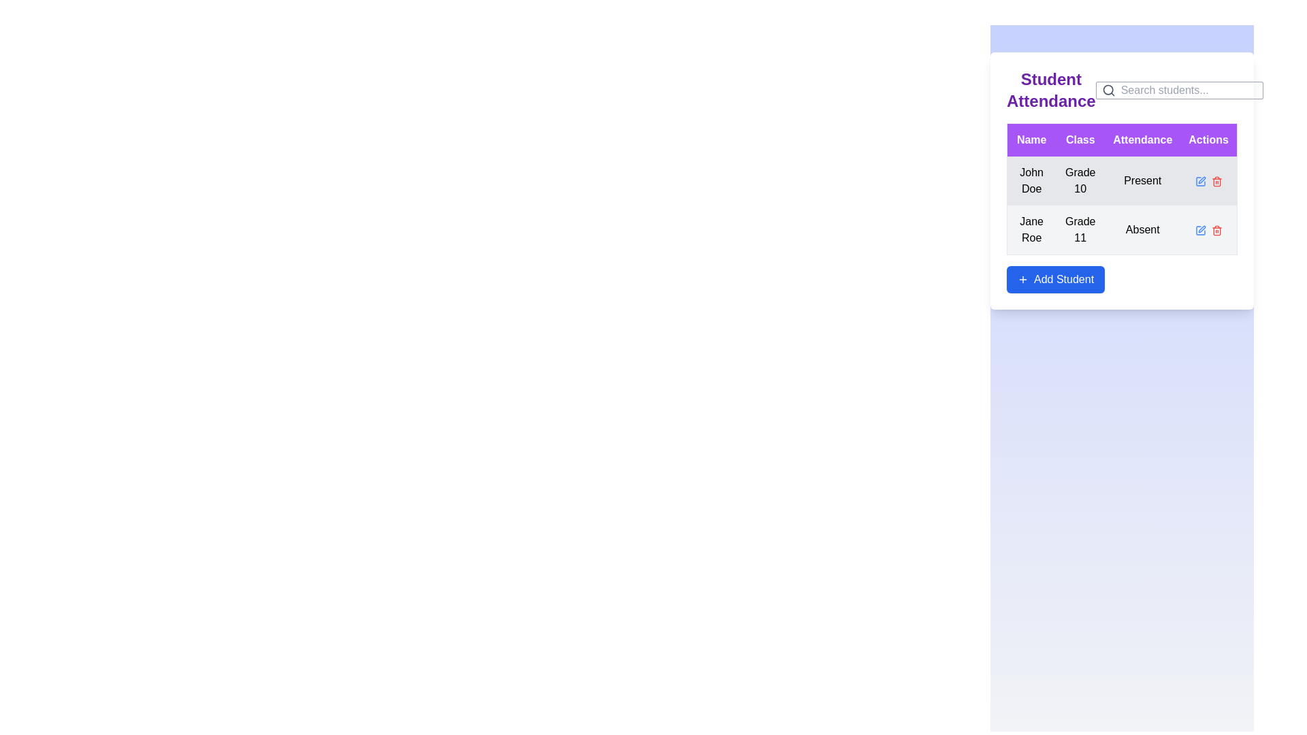 This screenshot has height=735, width=1307. I want to click on the purple rectangular header labeled 'Actions' which is the fourth column header in the table layout, so click(1209, 140).